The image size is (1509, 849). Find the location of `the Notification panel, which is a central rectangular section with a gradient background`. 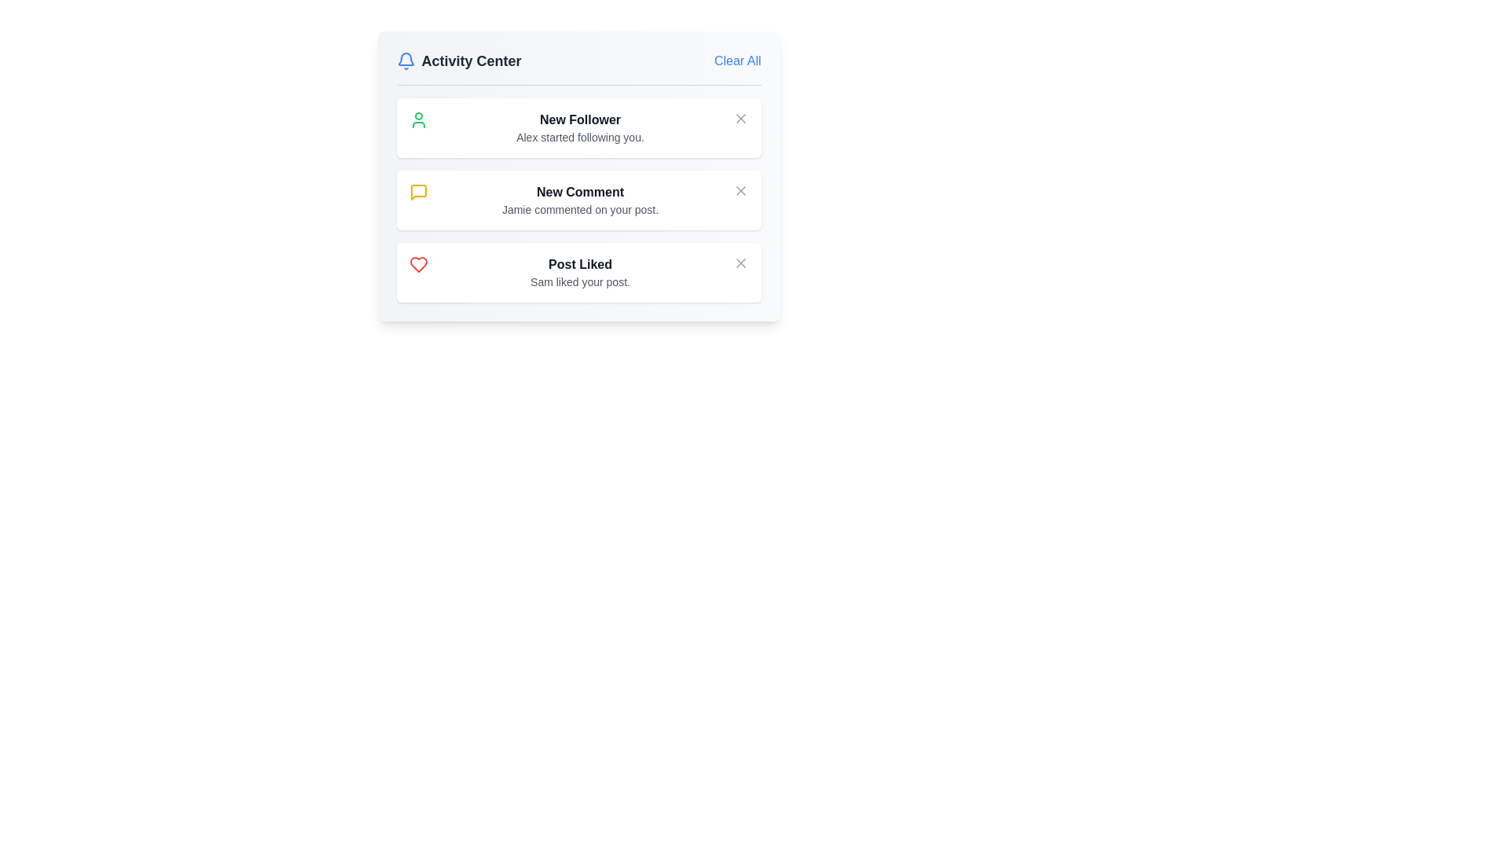

the Notification panel, which is a central rectangular section with a gradient background is located at coordinates (578, 176).